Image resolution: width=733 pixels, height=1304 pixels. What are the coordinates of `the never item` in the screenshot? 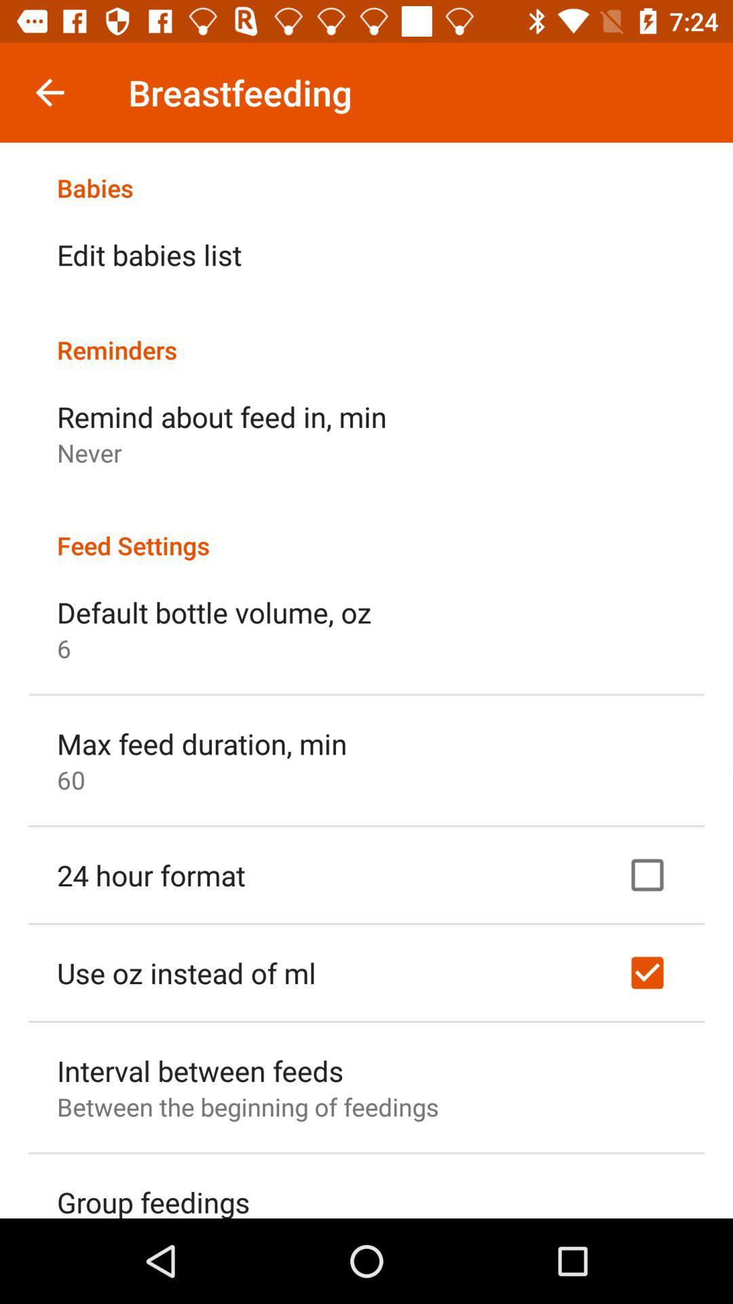 It's located at (89, 452).